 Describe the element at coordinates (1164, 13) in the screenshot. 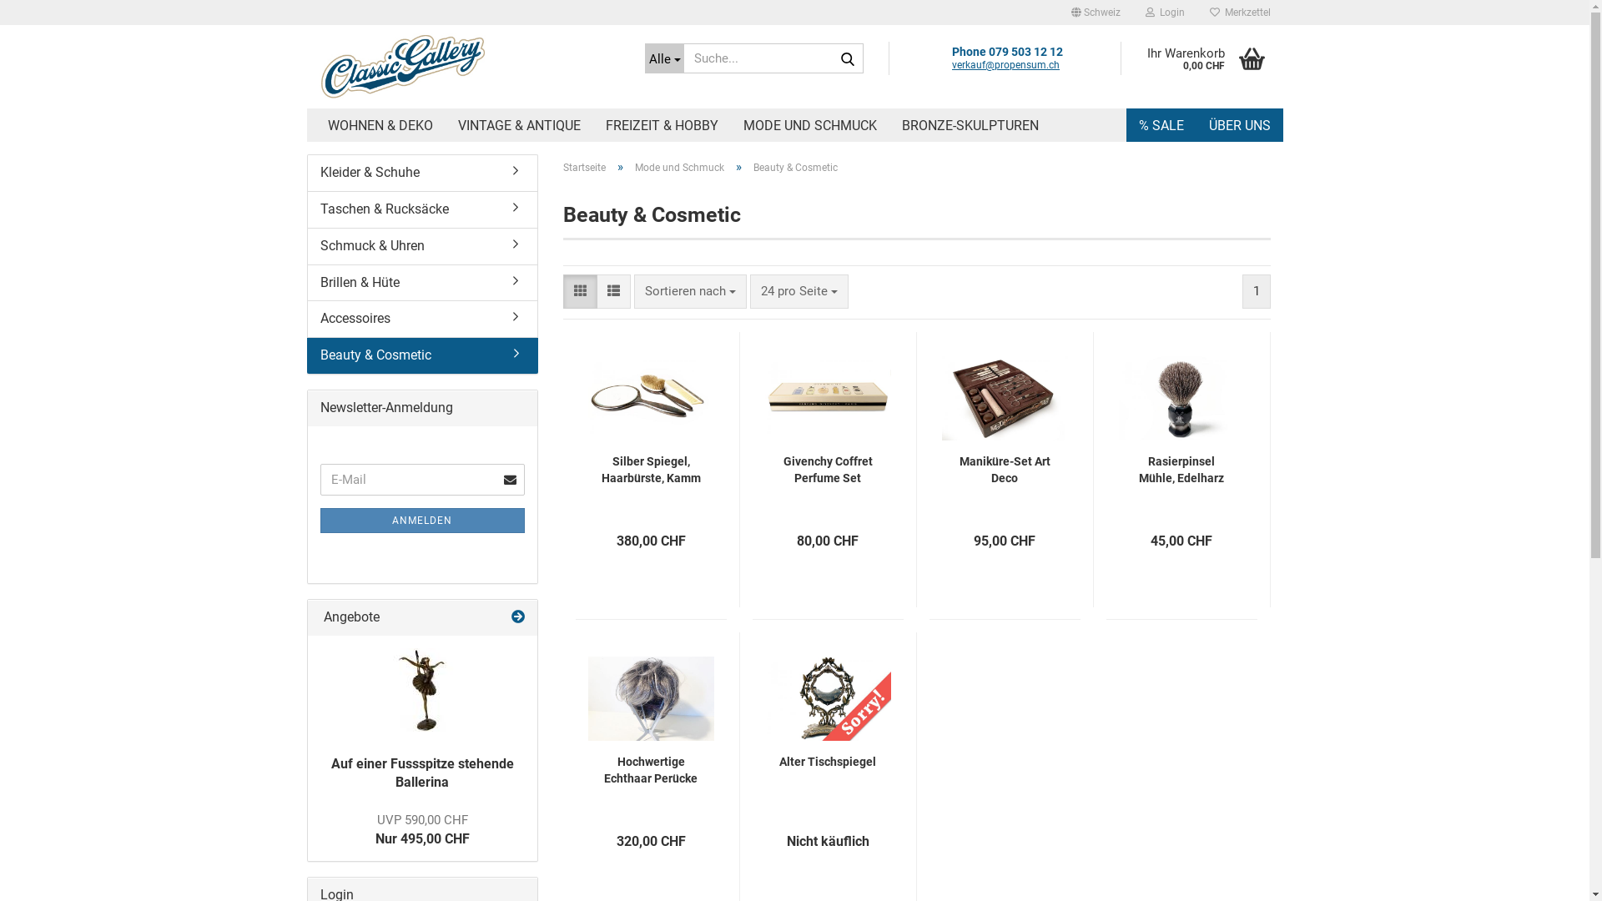

I see `' Login'` at that location.